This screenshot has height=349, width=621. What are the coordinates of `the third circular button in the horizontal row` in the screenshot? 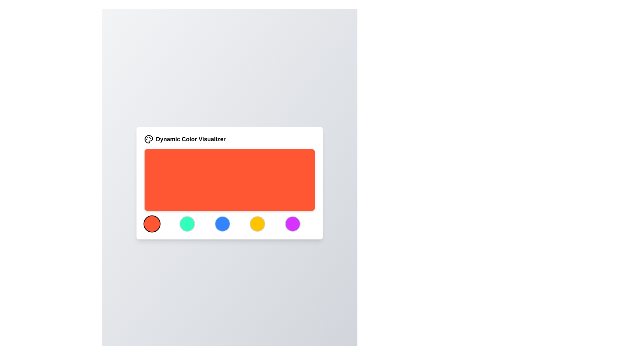 It's located at (222, 224).